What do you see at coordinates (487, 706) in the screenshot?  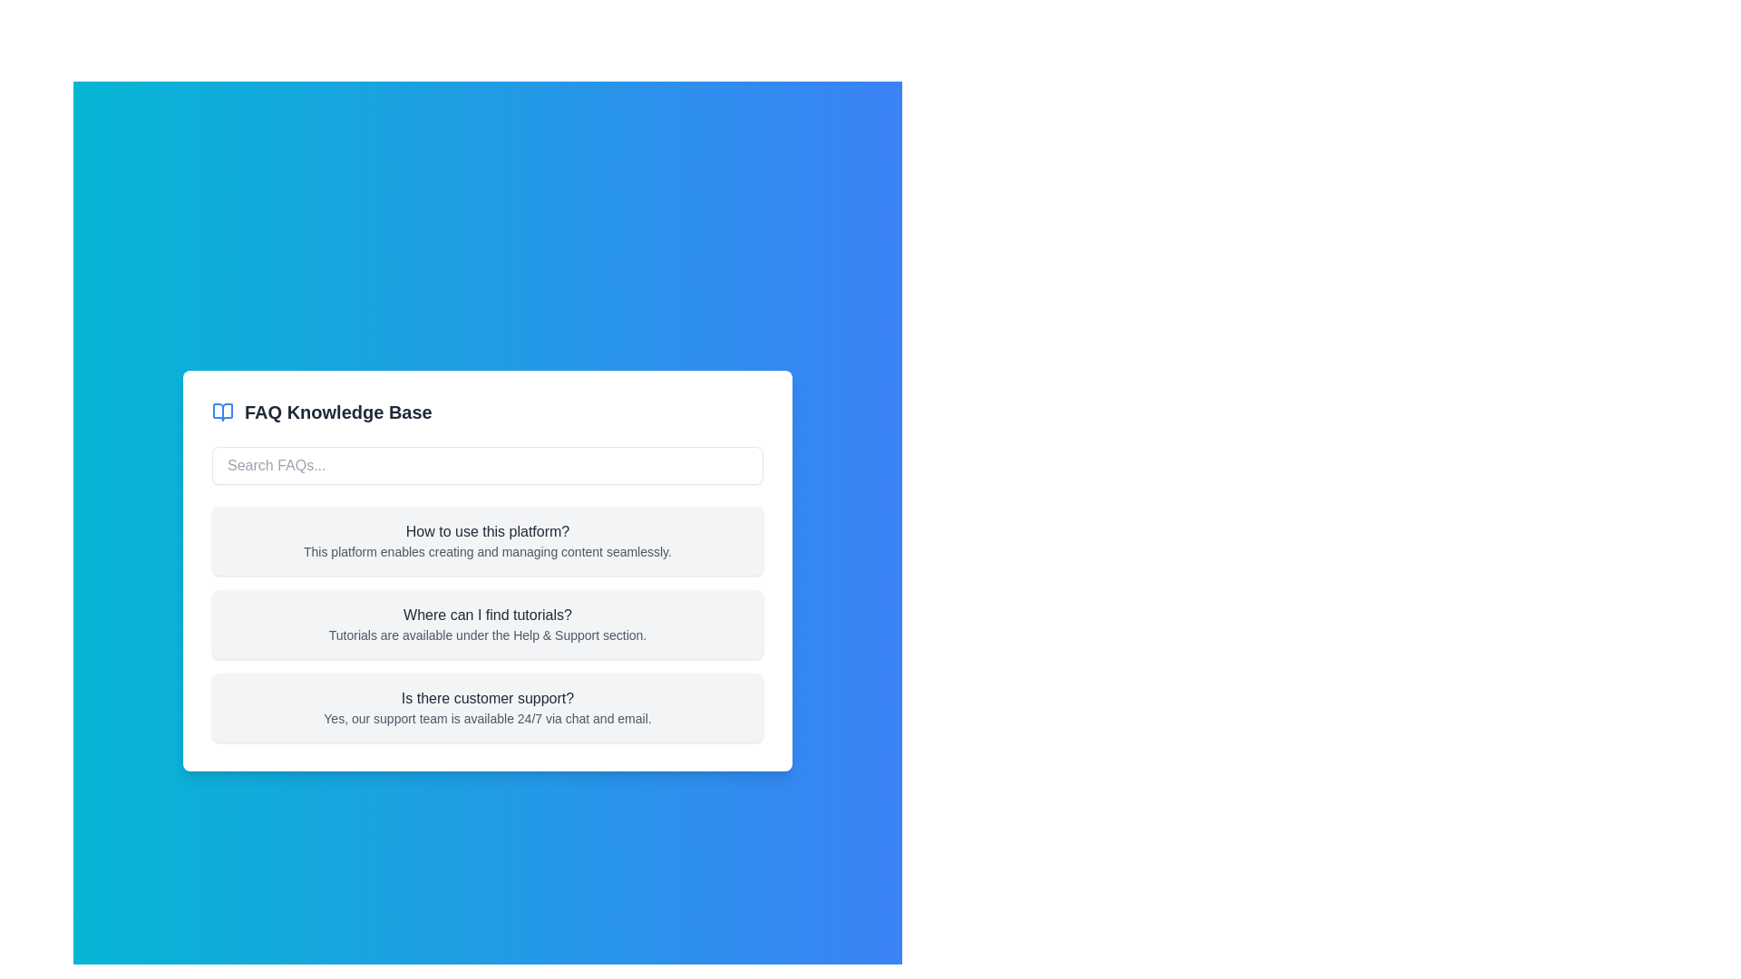 I see `the third FAQ entry in the Knowledge Base interface, which contains the question 'Is there customer support?' and the reply styled in gray text` at bounding box center [487, 706].